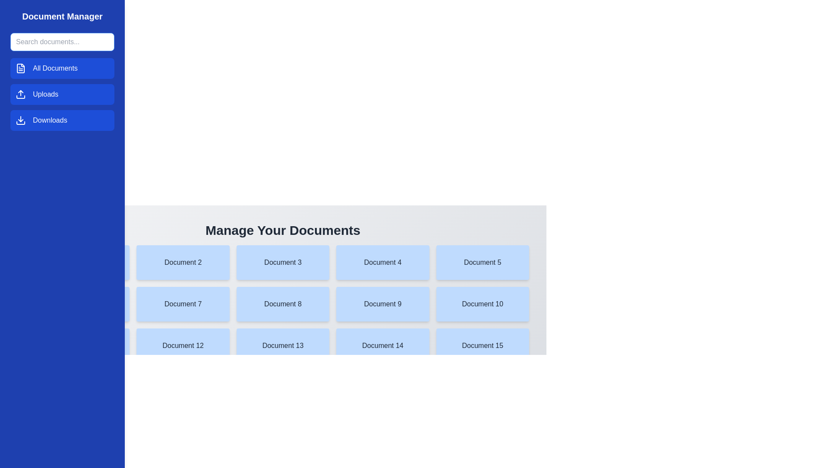  What do you see at coordinates (62, 94) in the screenshot?
I see `the document category Uploads from the list` at bounding box center [62, 94].